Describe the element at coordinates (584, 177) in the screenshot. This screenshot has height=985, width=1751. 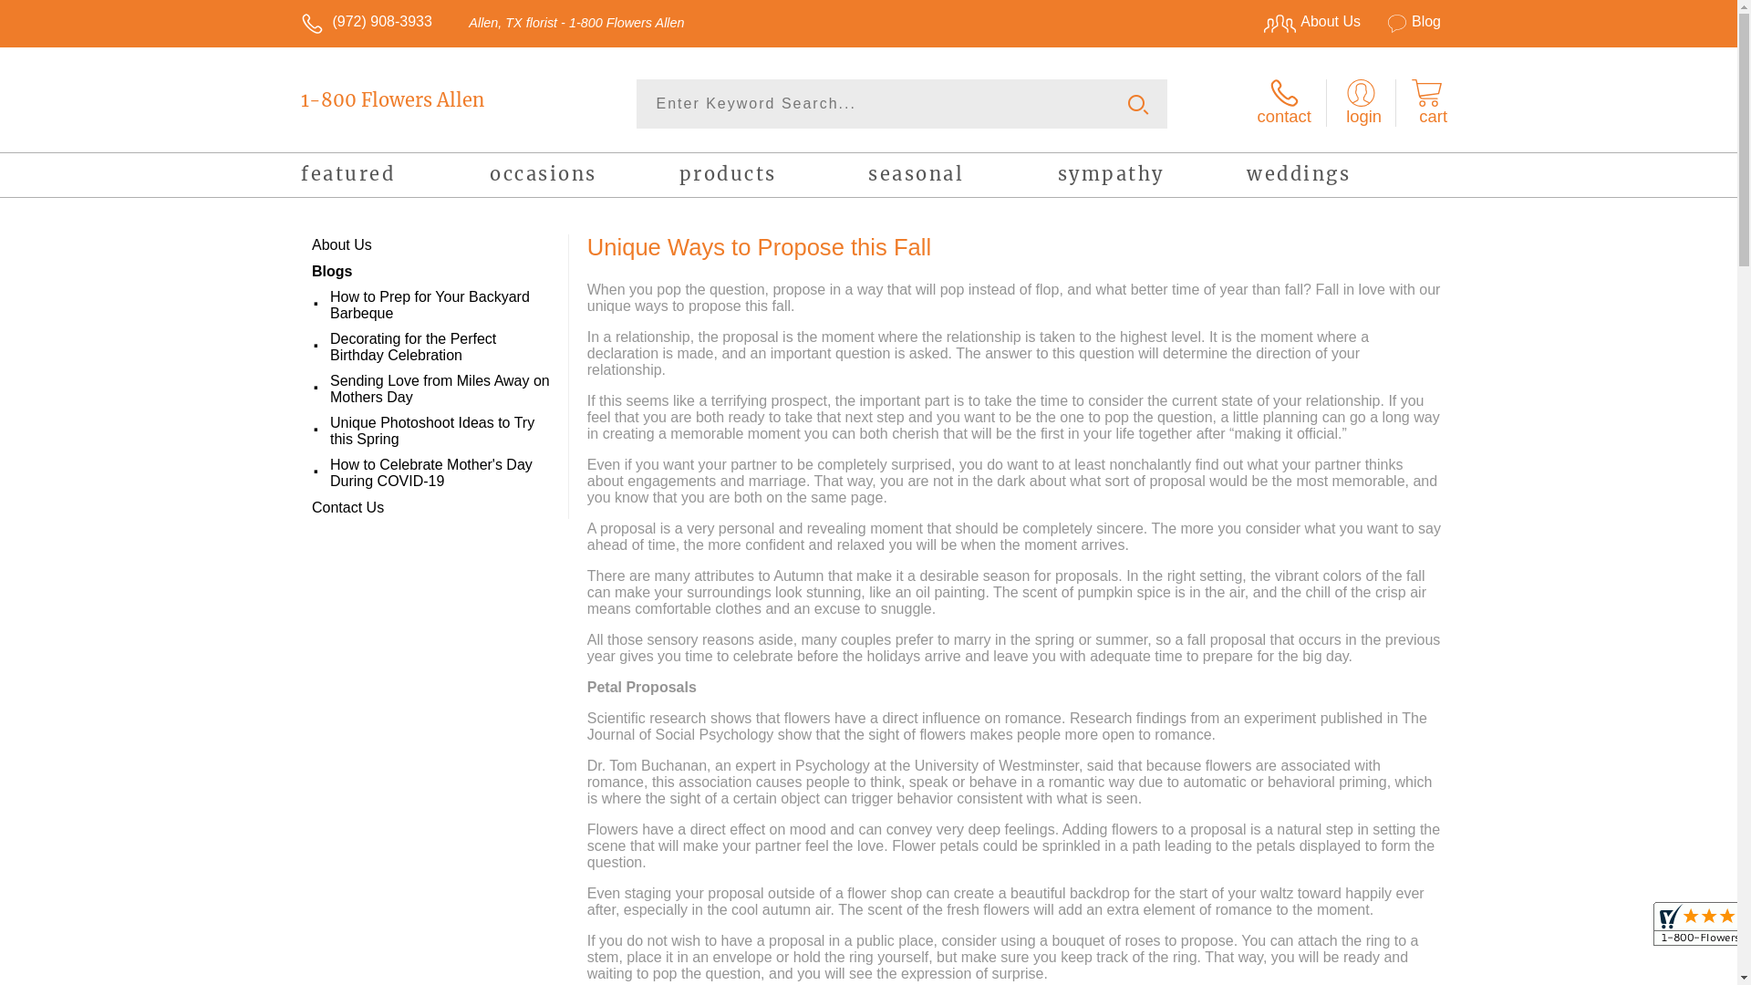
I see `'occasions'` at that location.